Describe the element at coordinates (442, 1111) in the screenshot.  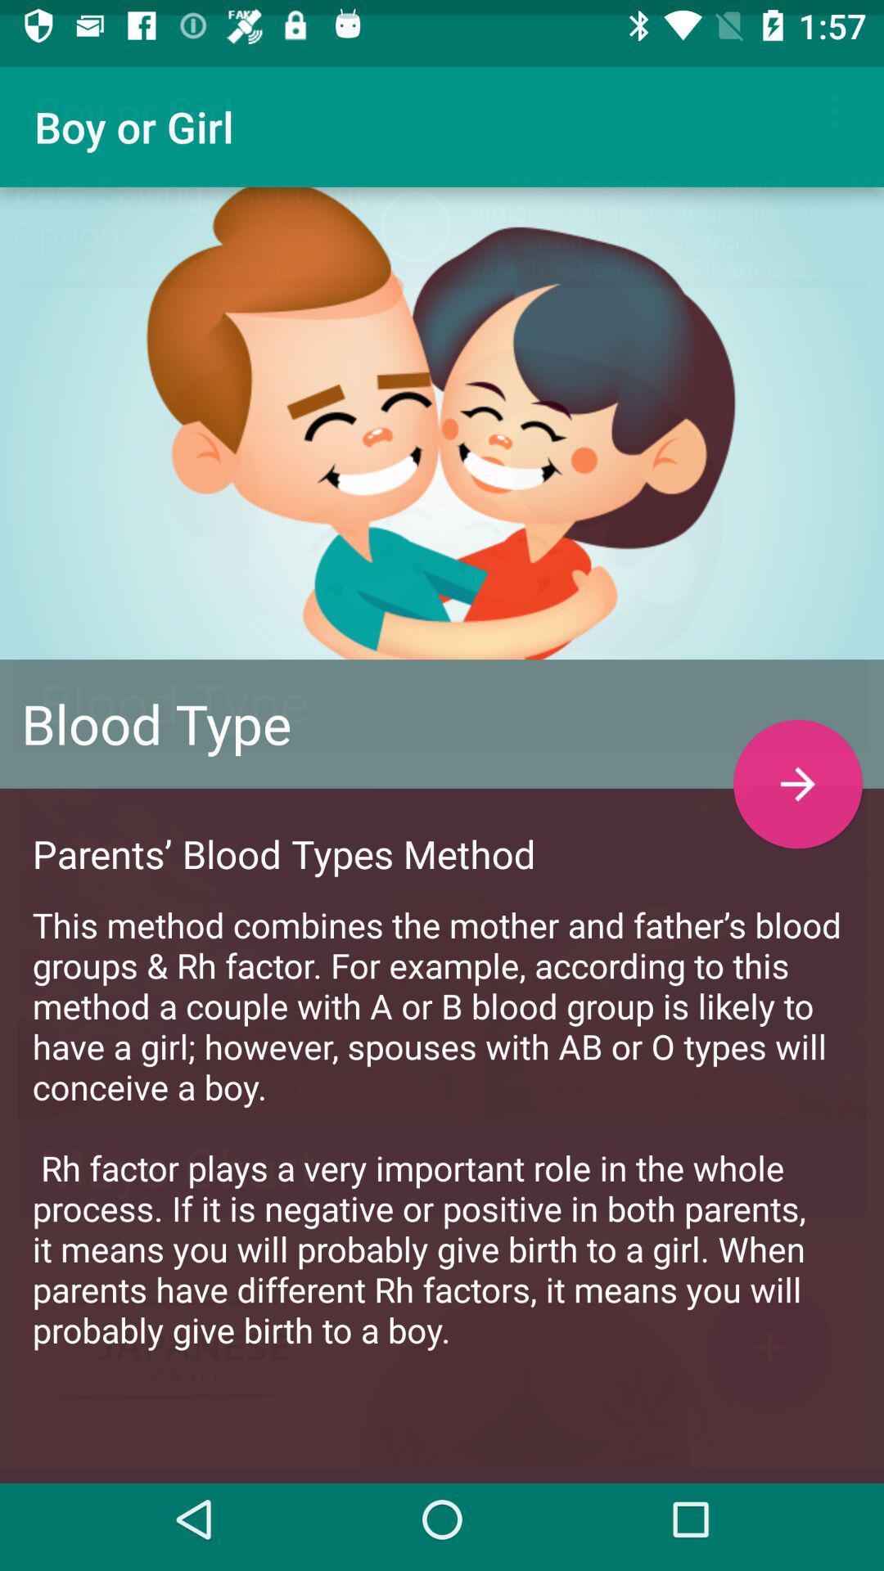
I see `the this method combines` at that location.